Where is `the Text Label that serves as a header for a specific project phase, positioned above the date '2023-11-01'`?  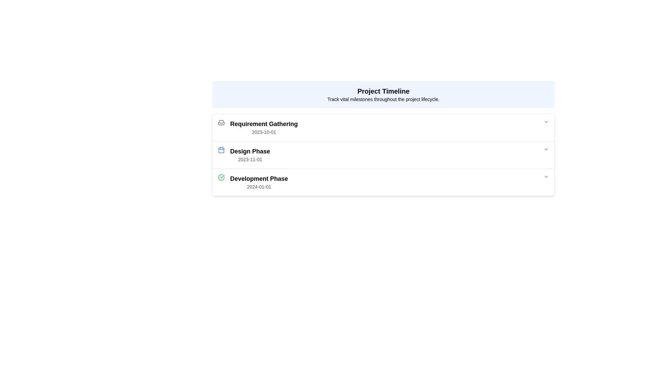 the Text Label that serves as a header for a specific project phase, positioned above the date '2023-11-01' is located at coordinates (249, 151).